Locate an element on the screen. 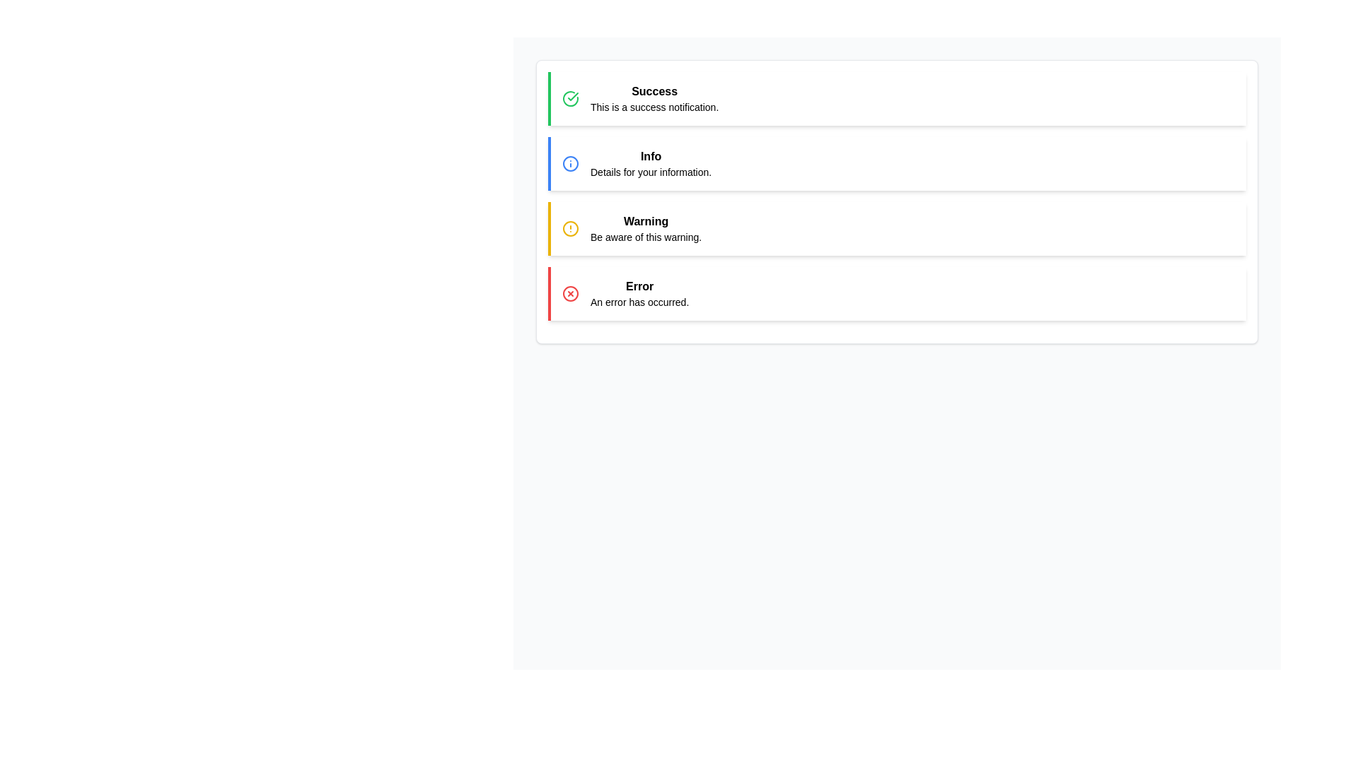 This screenshot has height=763, width=1358. the circular icon with a green border and checkmark inside it, located at the top left corner of the 'Success' notification box is located at coordinates (570, 97).